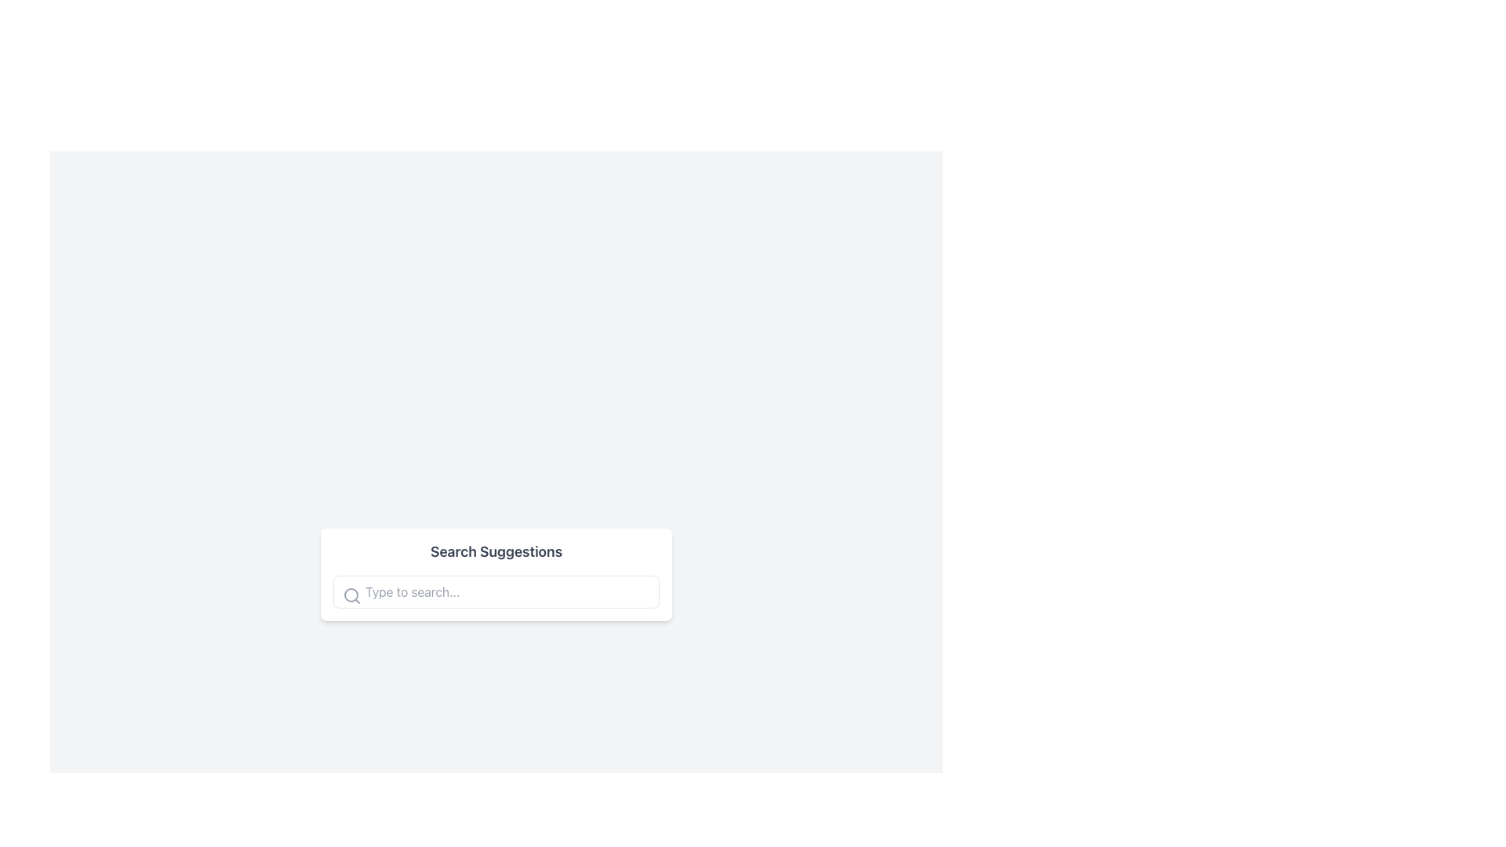 The width and height of the screenshot is (1506, 847). What do you see at coordinates (351, 595) in the screenshot?
I see `the search icon, which is represented as a magnifying glass styled with gray color and thin-lined strokes, located at the far left of the search input field` at bounding box center [351, 595].